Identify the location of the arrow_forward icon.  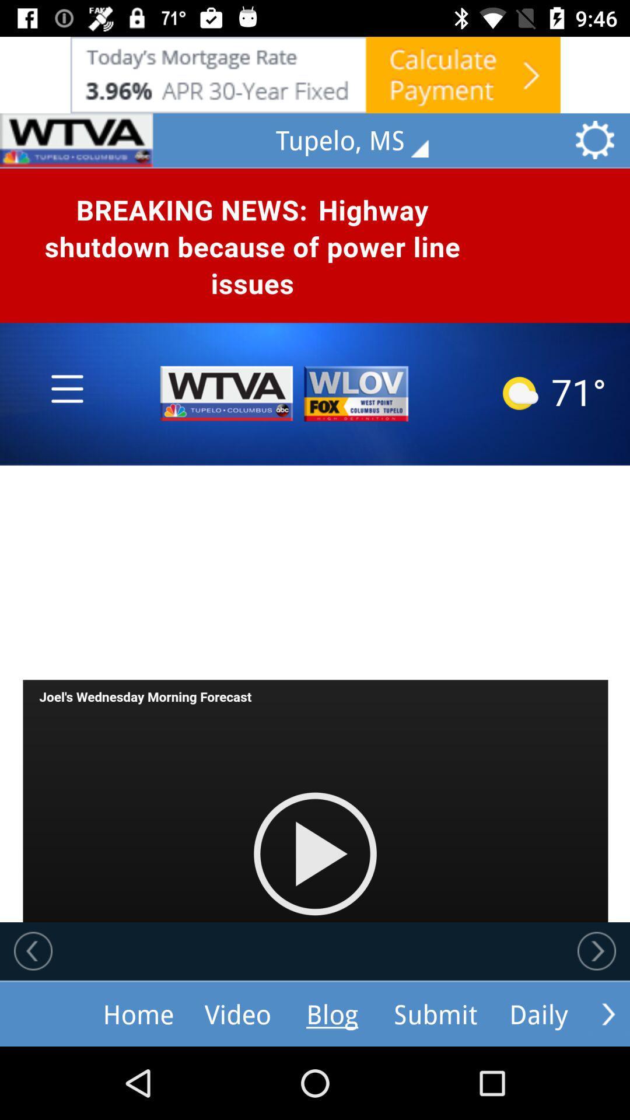
(608, 1013).